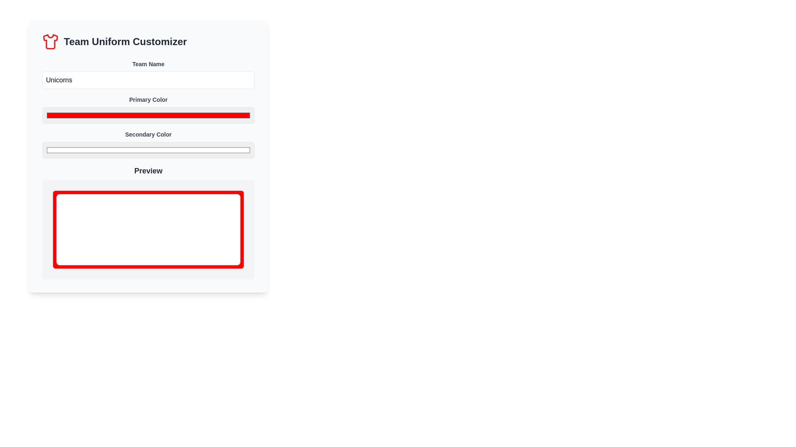 The image size is (796, 447). I want to click on the Color input field located below the 'Primary Color' section, so click(148, 144).